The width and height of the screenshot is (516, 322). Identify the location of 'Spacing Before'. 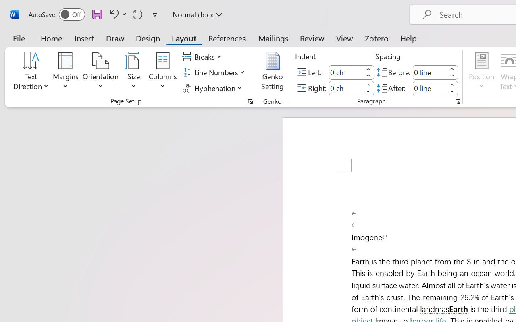
(429, 72).